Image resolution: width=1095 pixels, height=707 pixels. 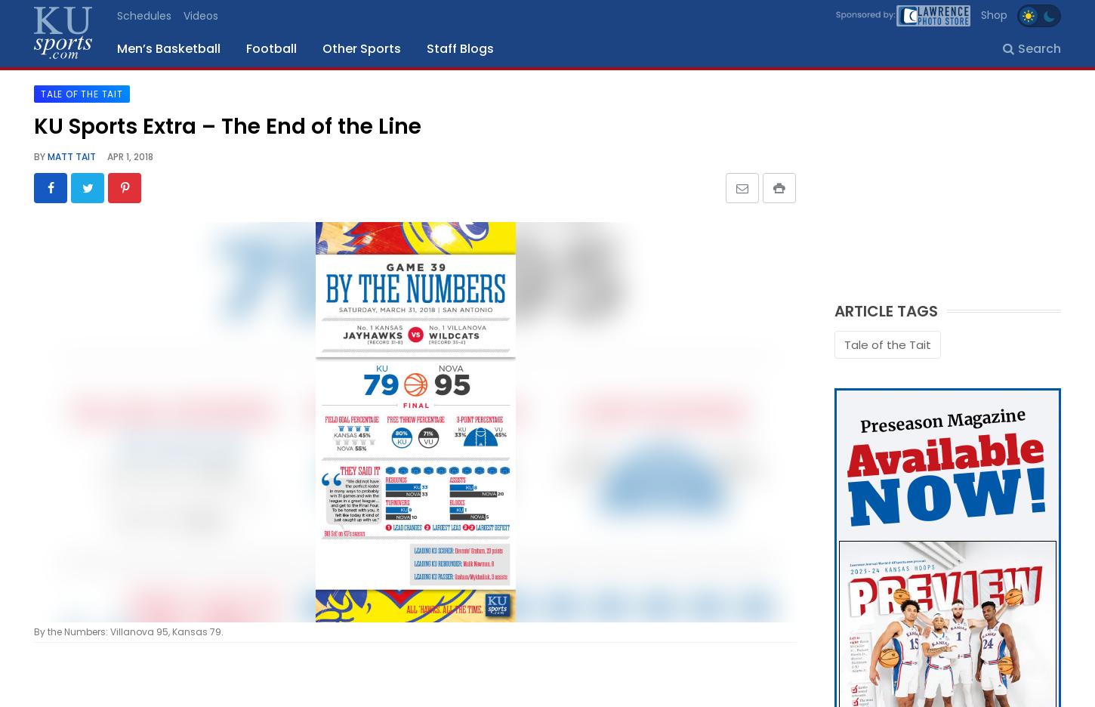 What do you see at coordinates (227, 125) in the screenshot?
I see `'KU Sports Extra – The End of the Line'` at bounding box center [227, 125].